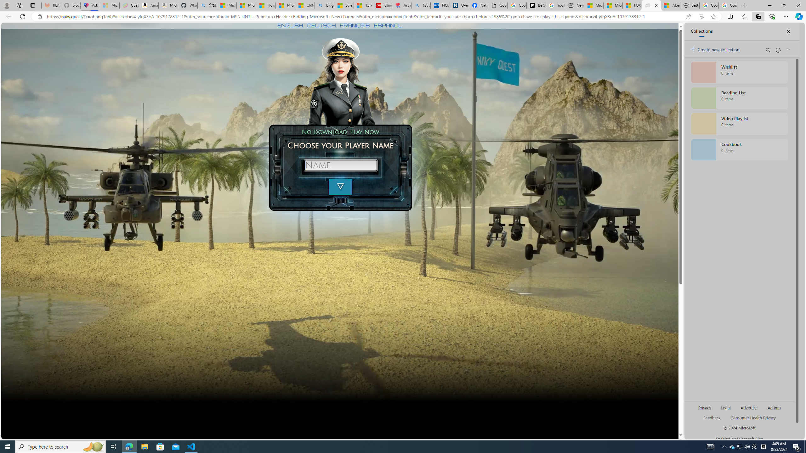 The width and height of the screenshot is (806, 453). I want to click on 'Arthritis: Ask Health Professionals', so click(401, 5).